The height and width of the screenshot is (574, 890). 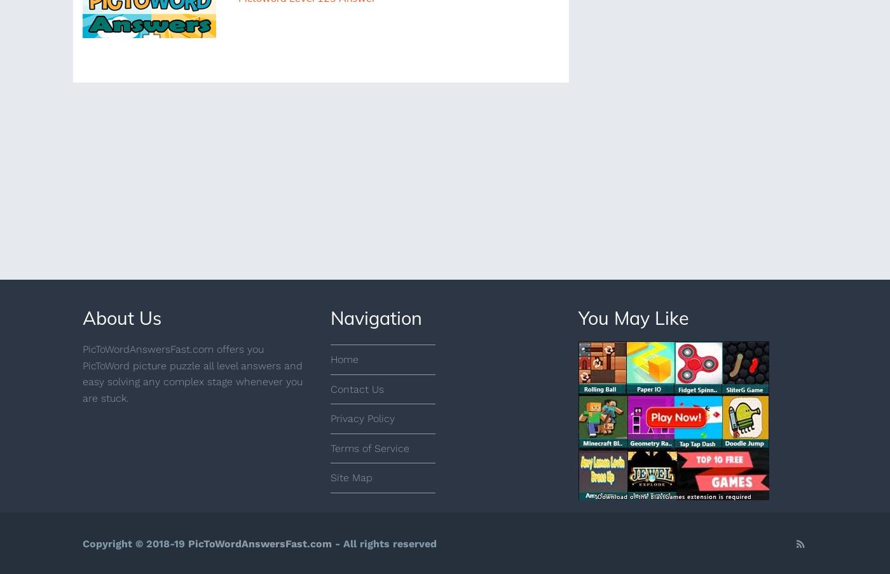 What do you see at coordinates (330, 477) in the screenshot?
I see `'Site Map'` at bounding box center [330, 477].